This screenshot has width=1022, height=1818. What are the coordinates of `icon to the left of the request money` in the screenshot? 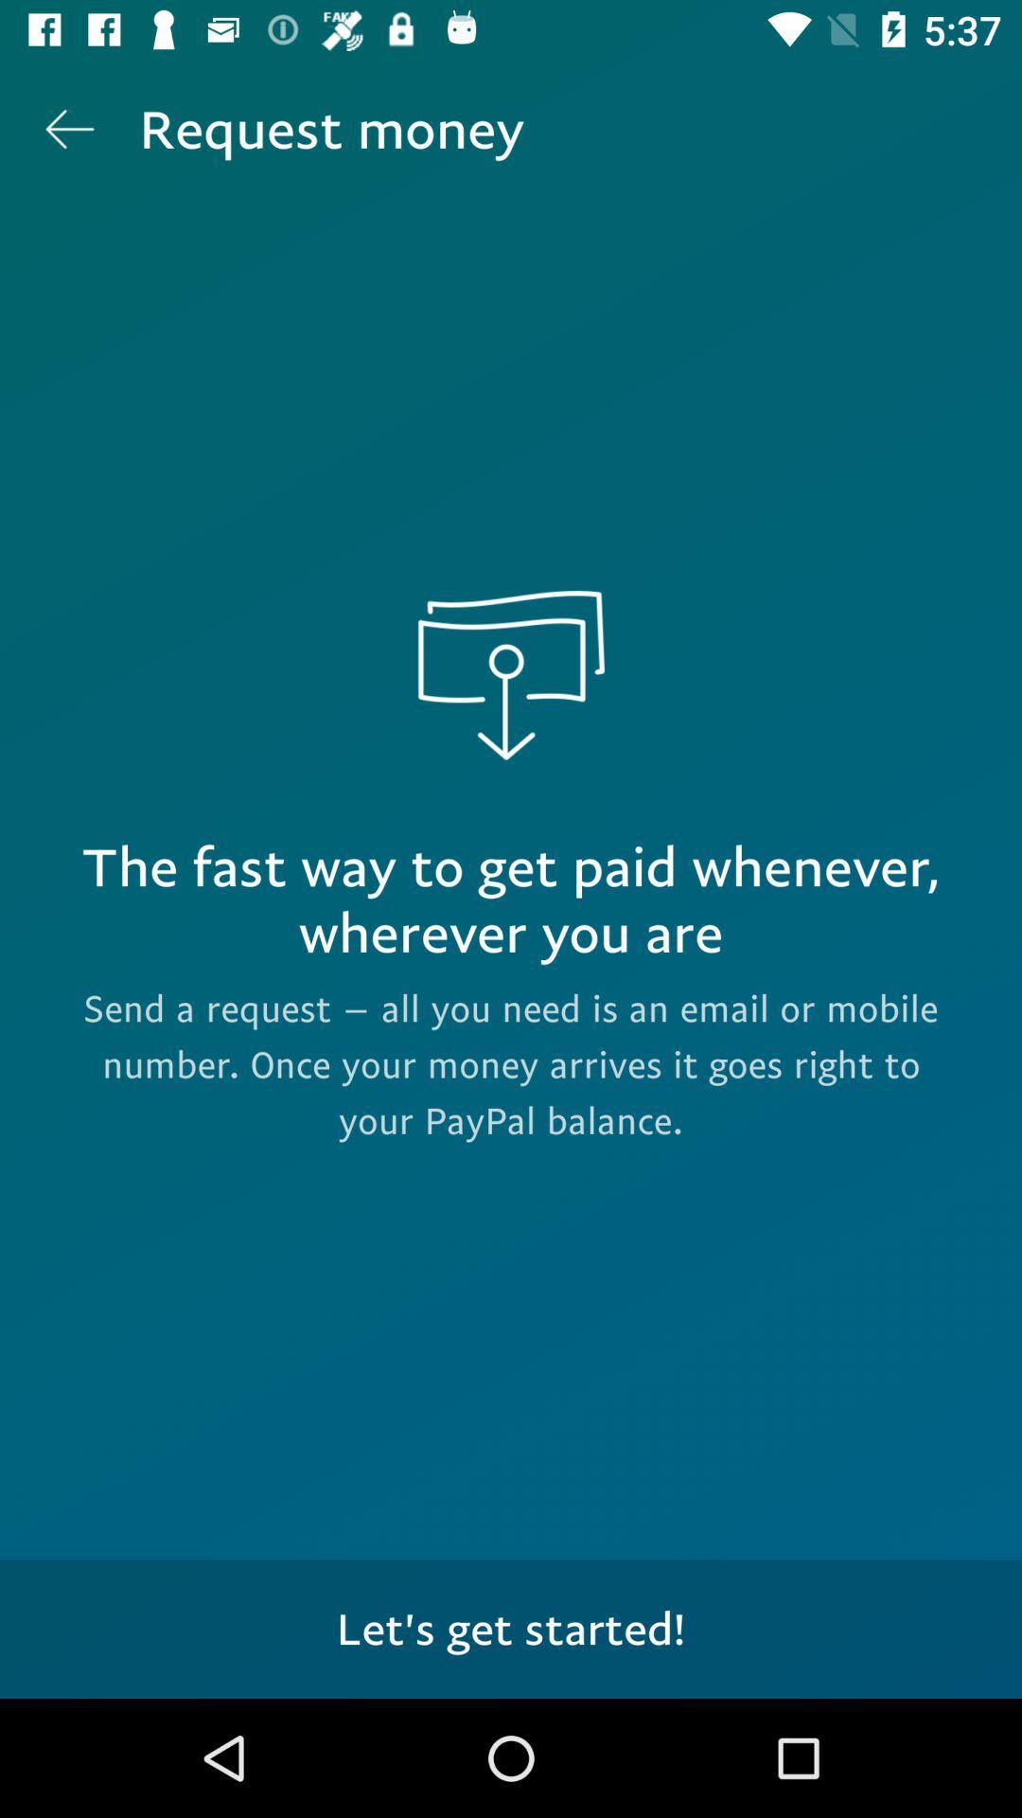 It's located at (68, 128).